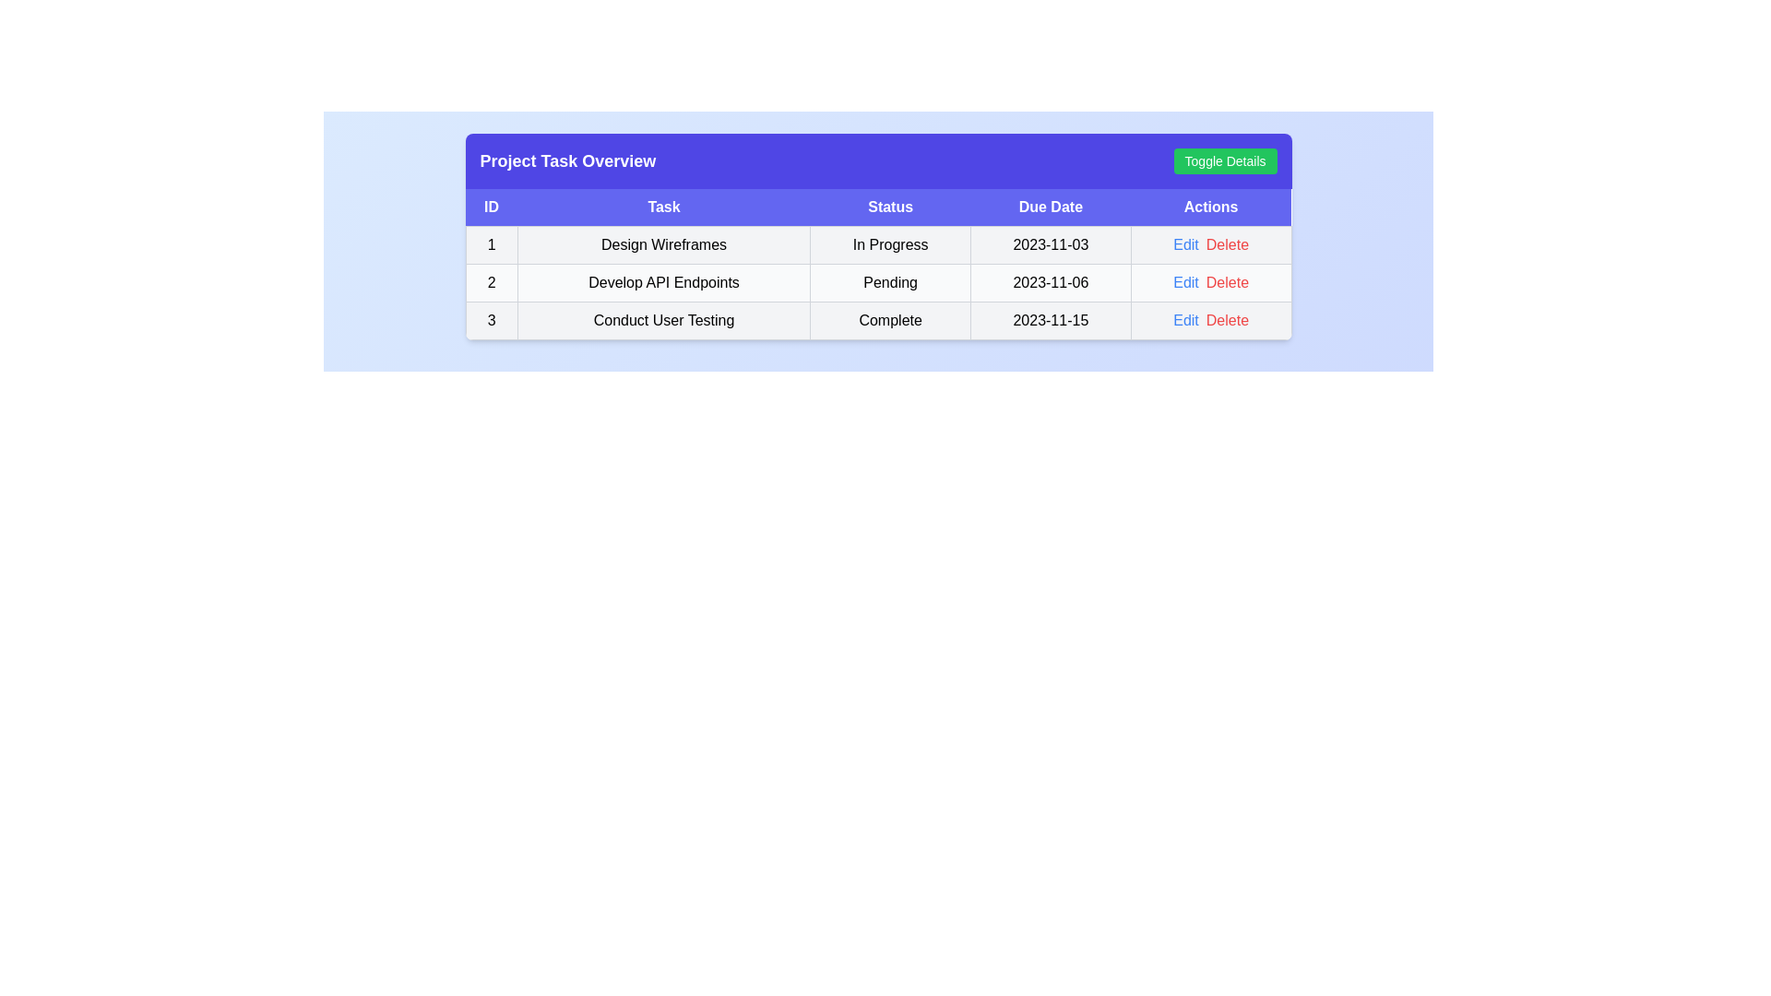  What do you see at coordinates (1227, 244) in the screenshot?
I see `the 'Delete' button for task 1` at bounding box center [1227, 244].